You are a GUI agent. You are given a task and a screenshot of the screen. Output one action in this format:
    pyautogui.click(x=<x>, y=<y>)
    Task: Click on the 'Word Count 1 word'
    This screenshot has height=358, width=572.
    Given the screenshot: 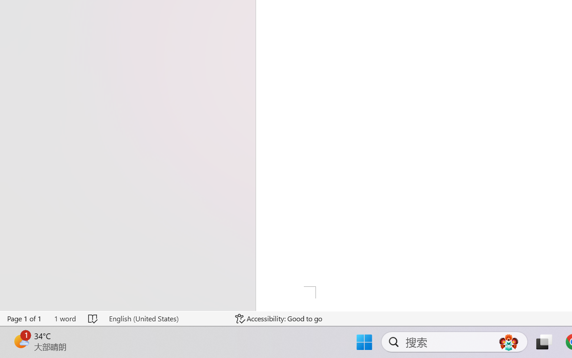 What is the action you would take?
    pyautogui.click(x=64, y=318)
    